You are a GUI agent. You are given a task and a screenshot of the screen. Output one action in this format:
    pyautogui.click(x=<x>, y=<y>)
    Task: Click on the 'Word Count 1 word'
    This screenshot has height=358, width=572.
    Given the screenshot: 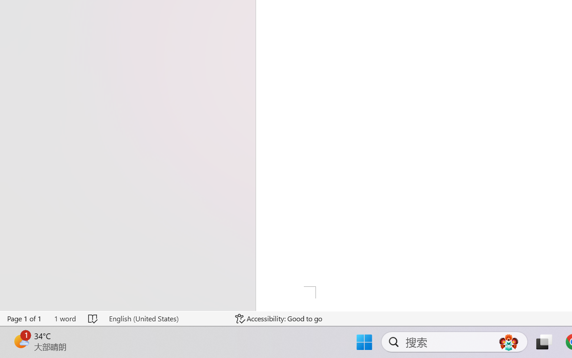 What is the action you would take?
    pyautogui.click(x=64, y=318)
    